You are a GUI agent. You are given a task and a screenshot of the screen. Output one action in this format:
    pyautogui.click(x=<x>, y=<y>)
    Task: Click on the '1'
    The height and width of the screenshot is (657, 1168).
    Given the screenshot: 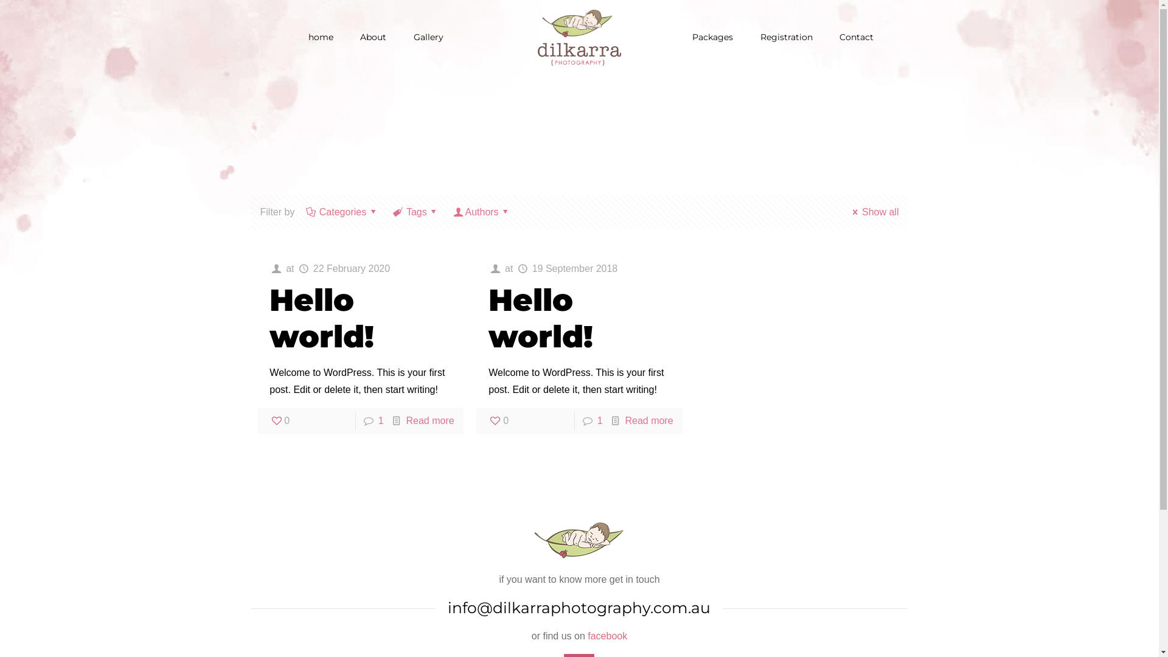 What is the action you would take?
    pyautogui.click(x=380, y=420)
    